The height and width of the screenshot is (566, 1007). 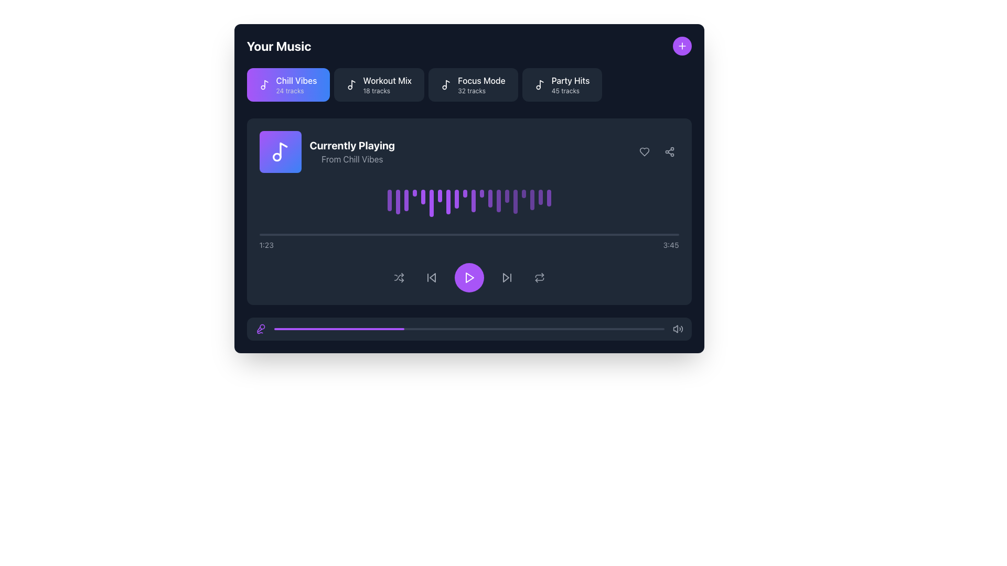 What do you see at coordinates (456, 199) in the screenshot?
I see `the ninth vertical purple waveform bar in the audio display of the music player interface, which is characterized by its rounded edges and pulsing animation` at bounding box center [456, 199].